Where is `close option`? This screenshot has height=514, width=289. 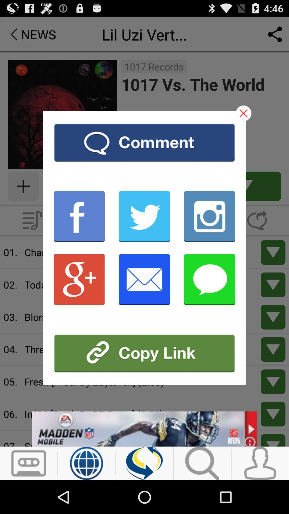
close option is located at coordinates (244, 113).